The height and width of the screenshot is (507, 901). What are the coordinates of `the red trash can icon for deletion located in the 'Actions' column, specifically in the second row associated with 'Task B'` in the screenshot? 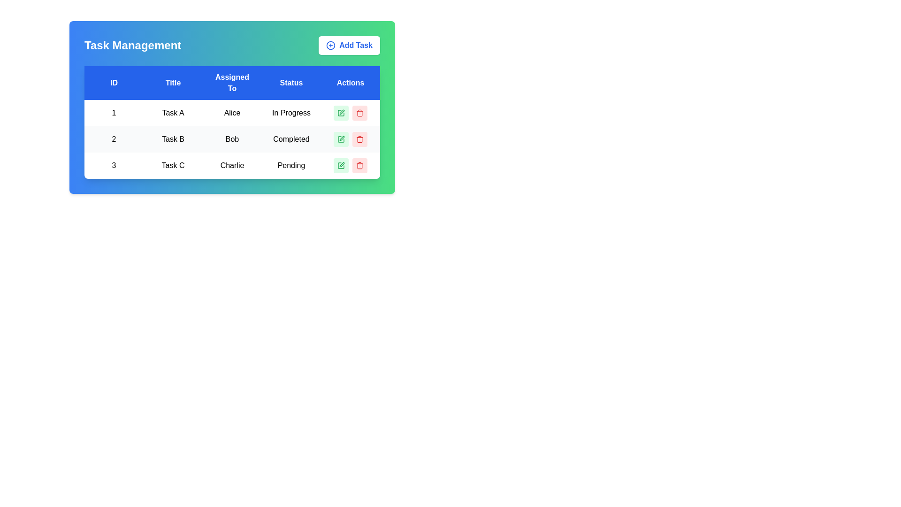 It's located at (359, 139).